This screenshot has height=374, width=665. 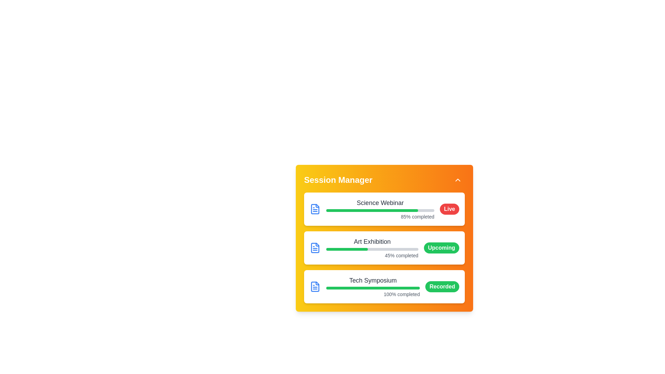 I want to click on the horizontal progress bar with a rounded green progress indicator located beneath the 'Tech Symposium' title and above the '100% completed' status label, so click(x=373, y=288).